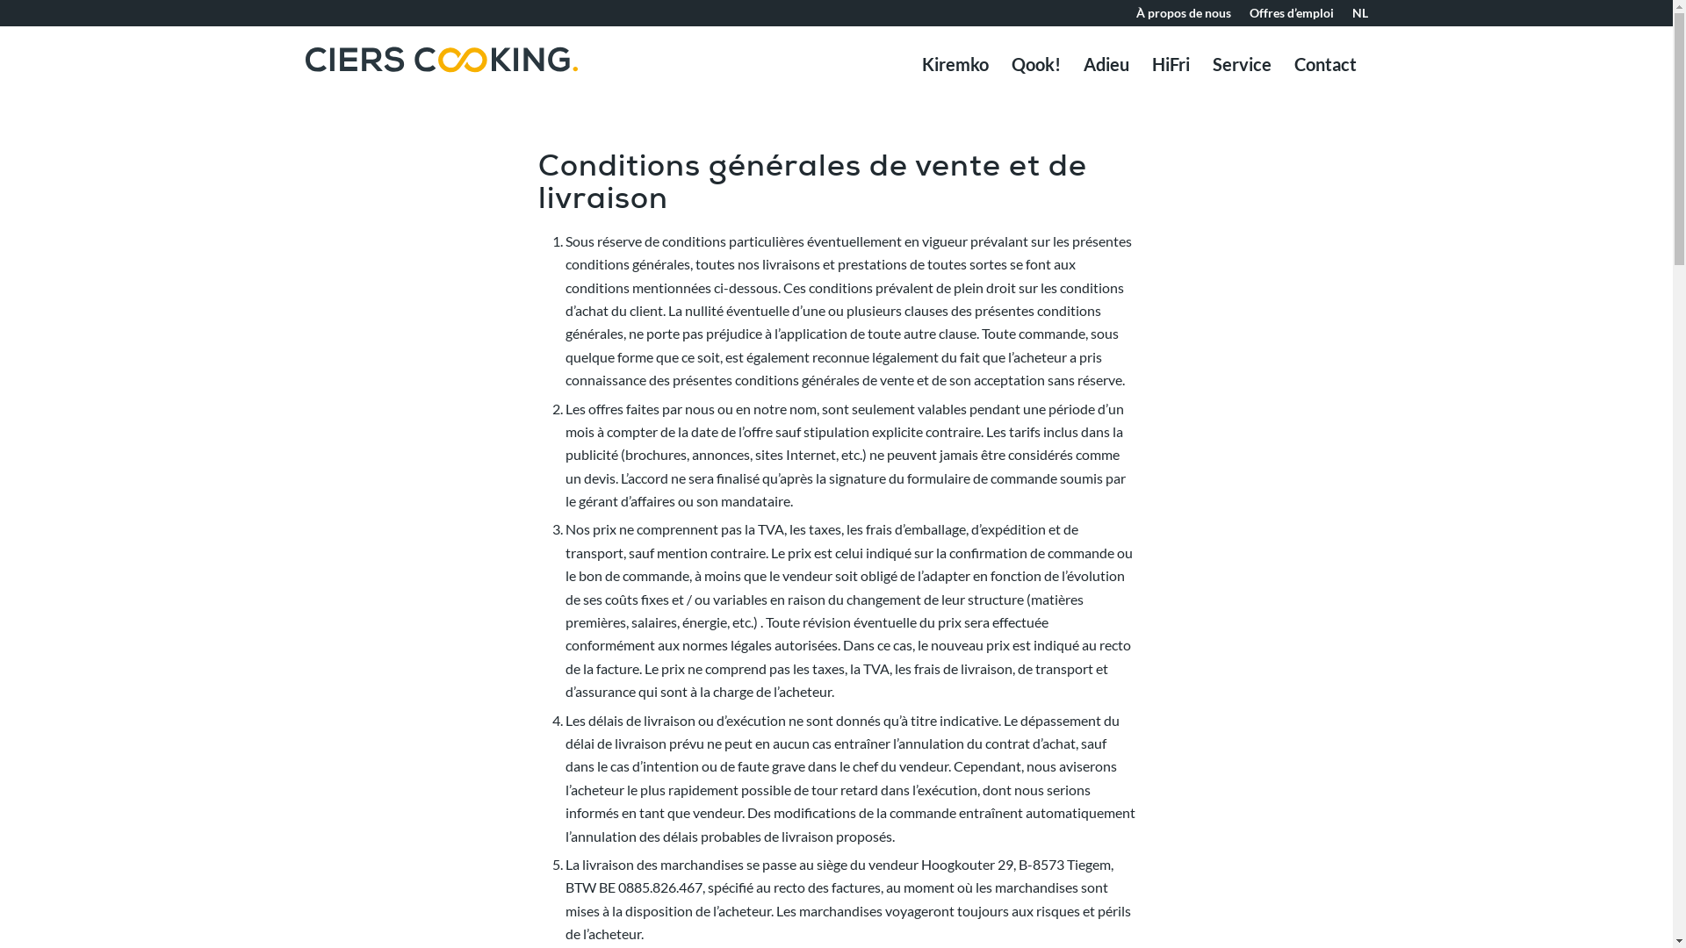 The width and height of the screenshot is (1686, 948). Describe the element at coordinates (1241, 63) in the screenshot. I see `'Service'` at that location.